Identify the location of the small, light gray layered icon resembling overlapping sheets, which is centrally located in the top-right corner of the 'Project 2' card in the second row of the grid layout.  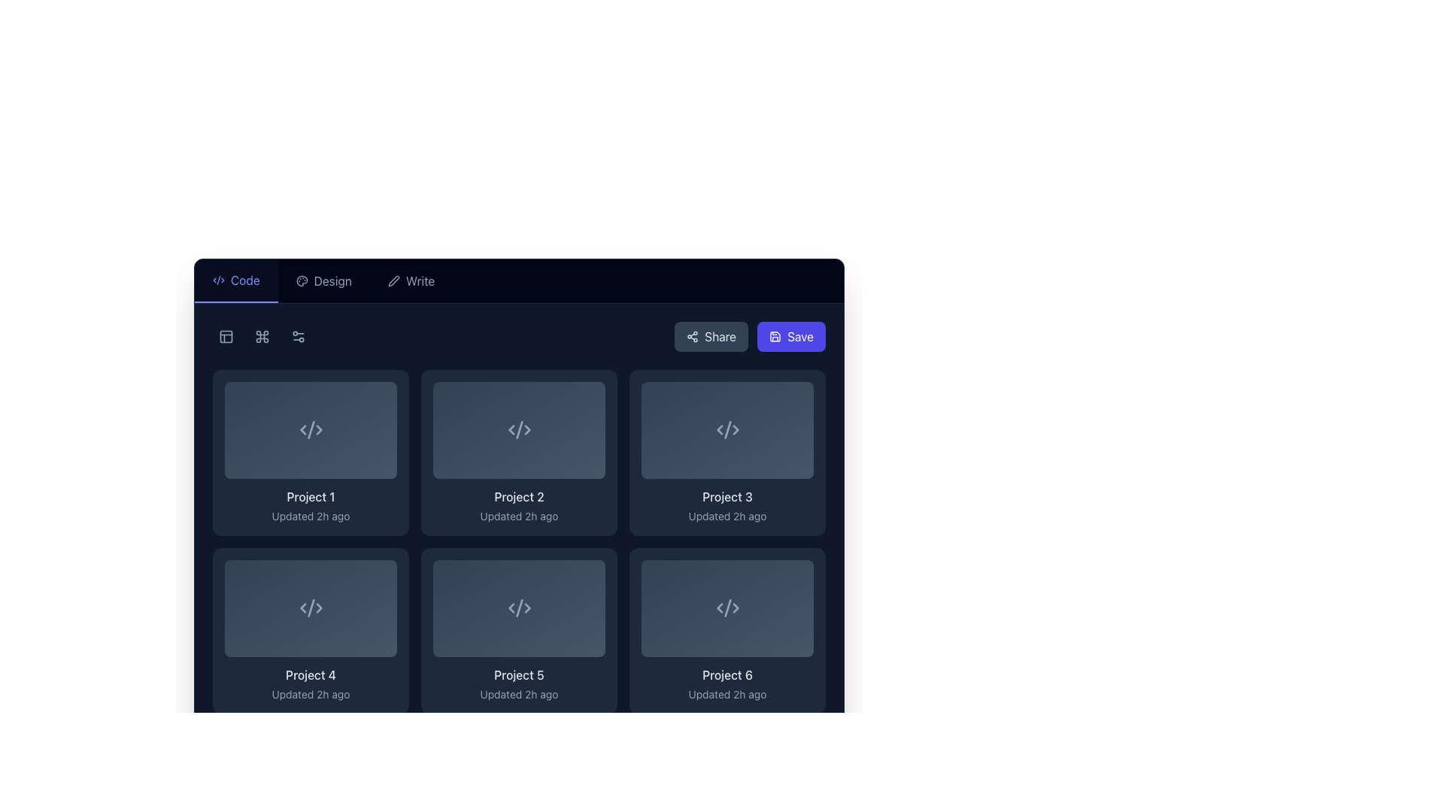
(602, 384).